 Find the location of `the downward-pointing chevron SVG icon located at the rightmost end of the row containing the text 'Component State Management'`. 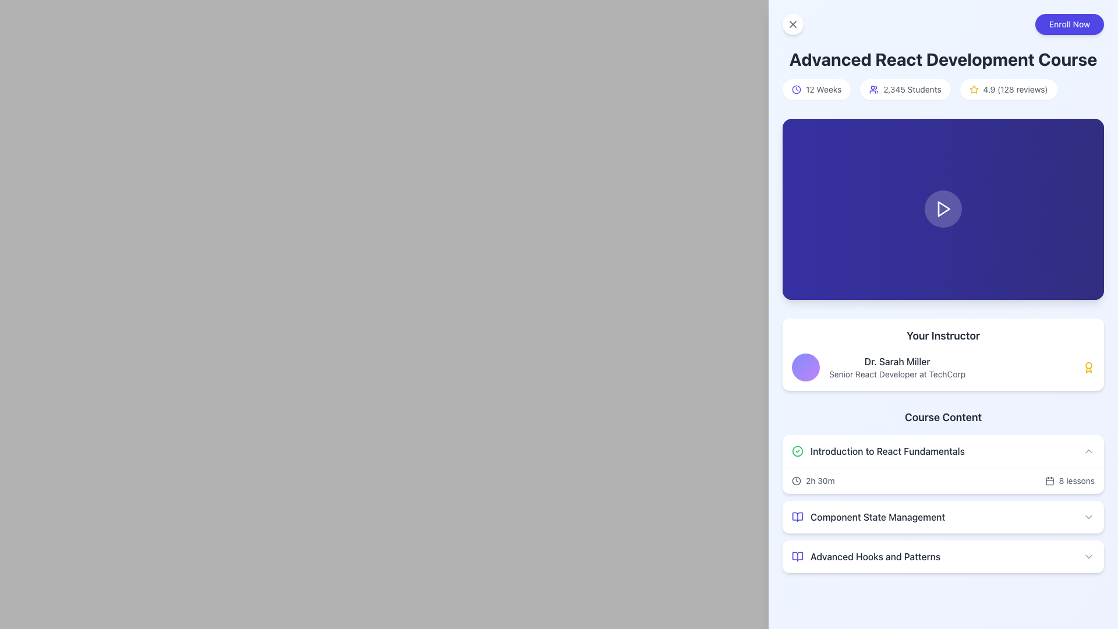

the downward-pointing chevron SVG icon located at the rightmost end of the row containing the text 'Component State Management' is located at coordinates (1088, 516).